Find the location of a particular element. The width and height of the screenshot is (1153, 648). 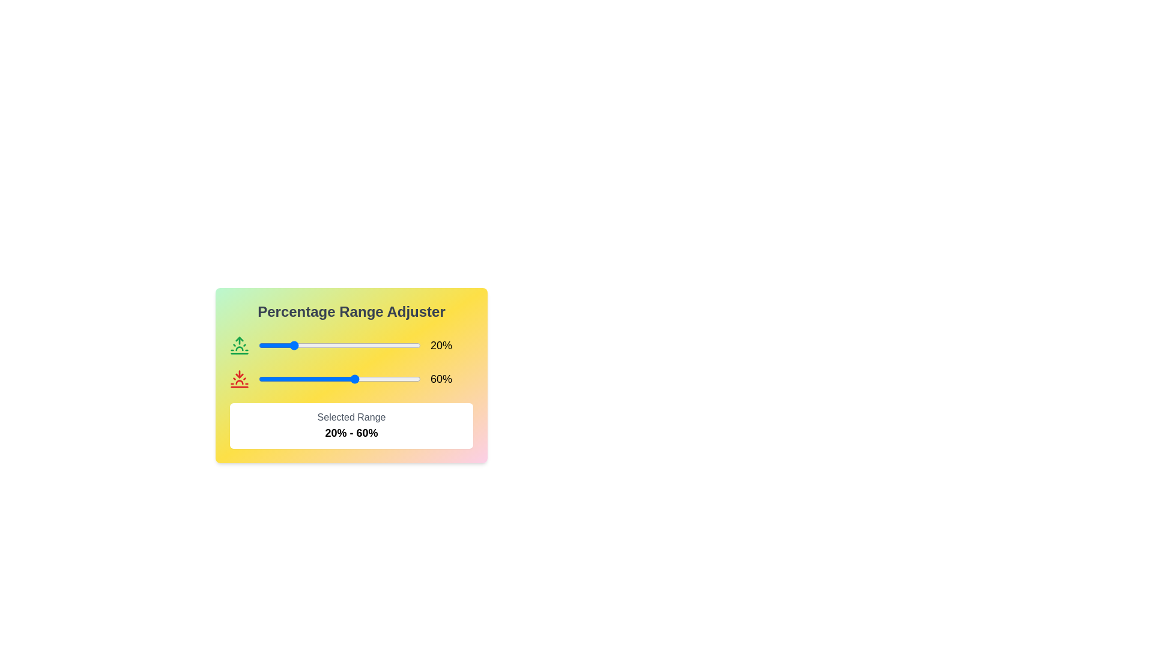

the slider is located at coordinates (404, 345).